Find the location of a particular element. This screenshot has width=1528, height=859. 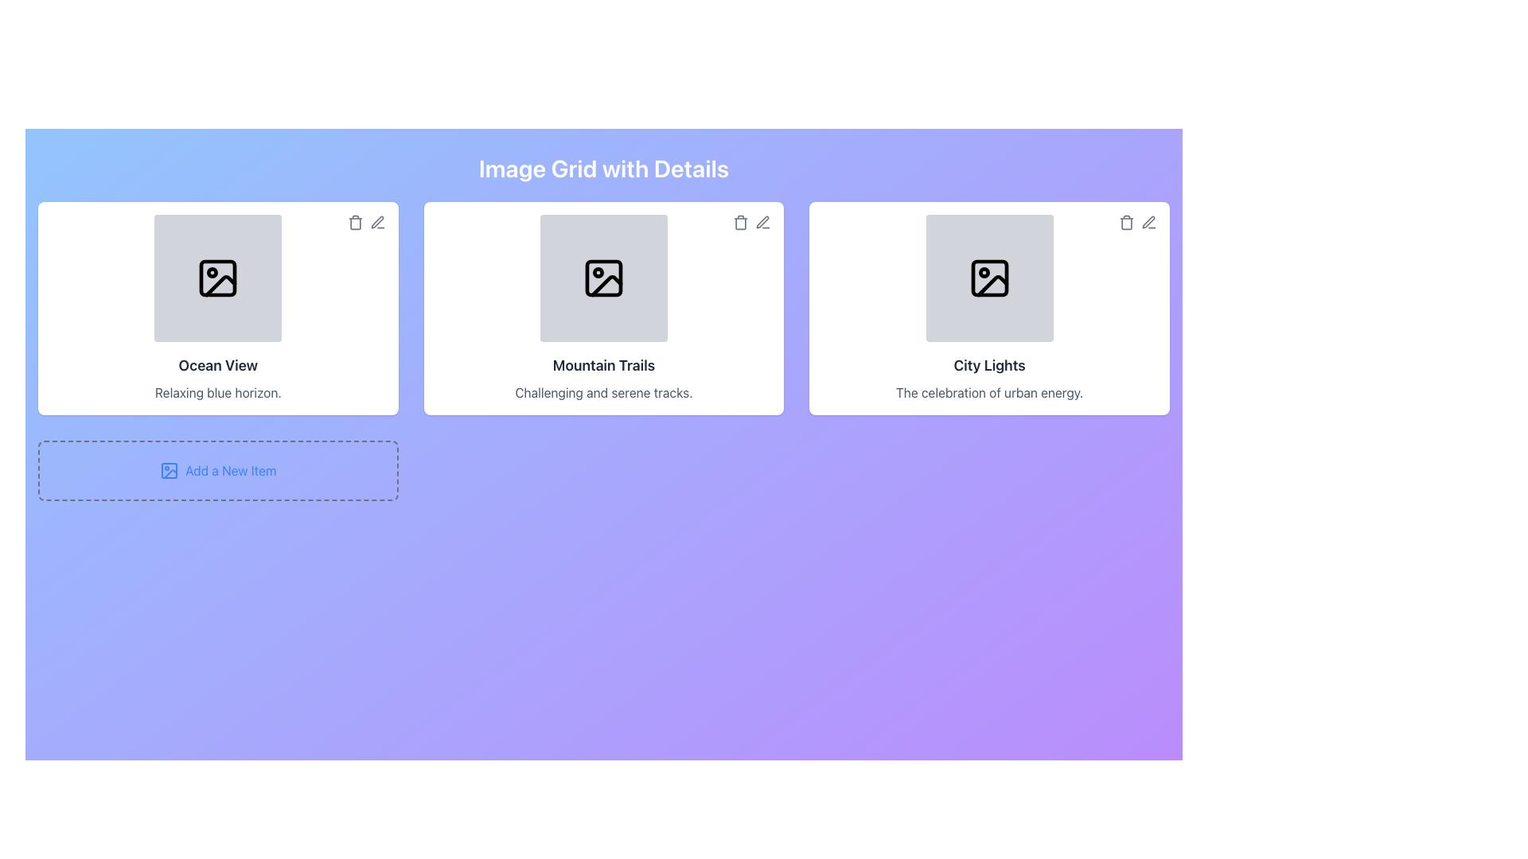

the icon representing the 'Add a New Item' action located at the lower-left corner of the dashed outline box is located at coordinates (170, 469).